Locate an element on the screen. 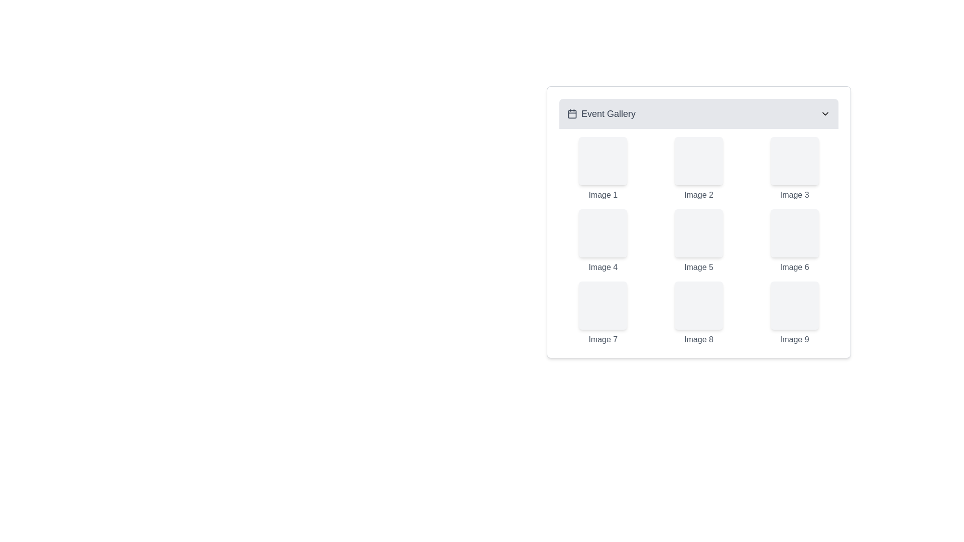  text label displaying 'Image 8', which is styled with a light gray color and is positioned directly underneath the corresponding thumbnail image in the grid layout is located at coordinates (698, 339).